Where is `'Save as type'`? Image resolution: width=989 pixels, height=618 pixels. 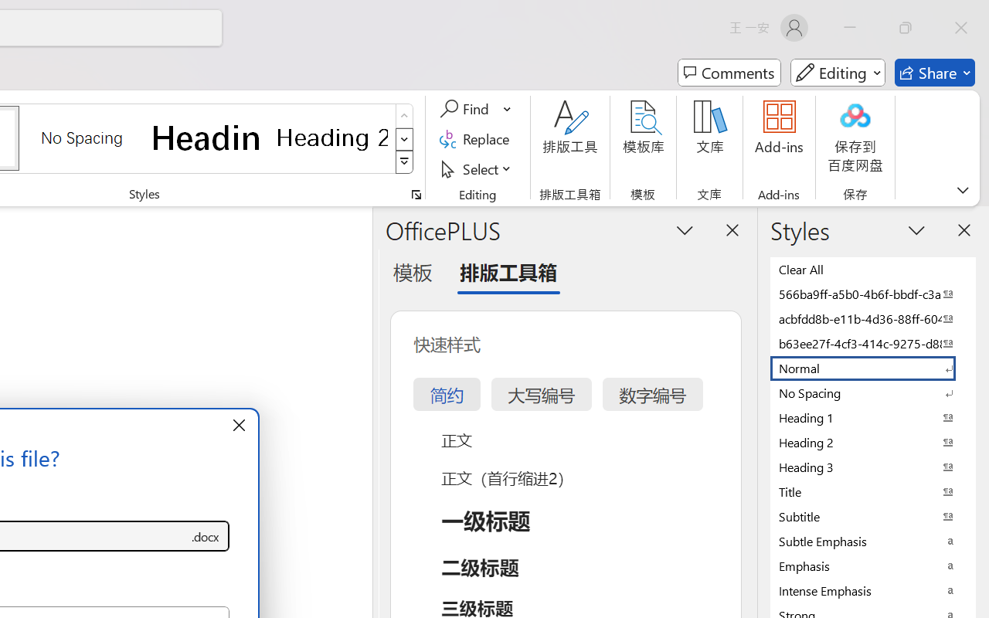
'Save as type' is located at coordinates (204, 536).